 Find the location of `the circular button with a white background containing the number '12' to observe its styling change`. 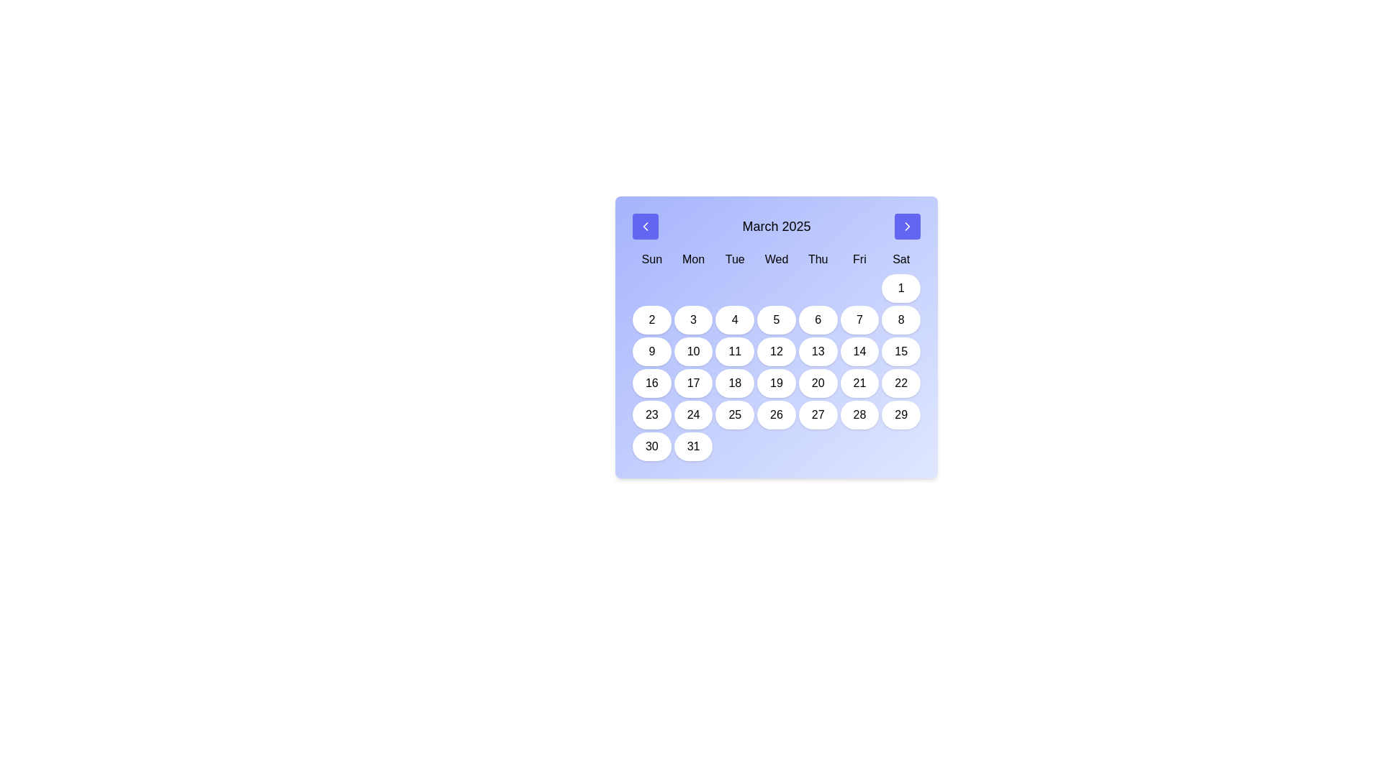

the circular button with a white background containing the number '12' to observe its styling change is located at coordinates (776, 352).